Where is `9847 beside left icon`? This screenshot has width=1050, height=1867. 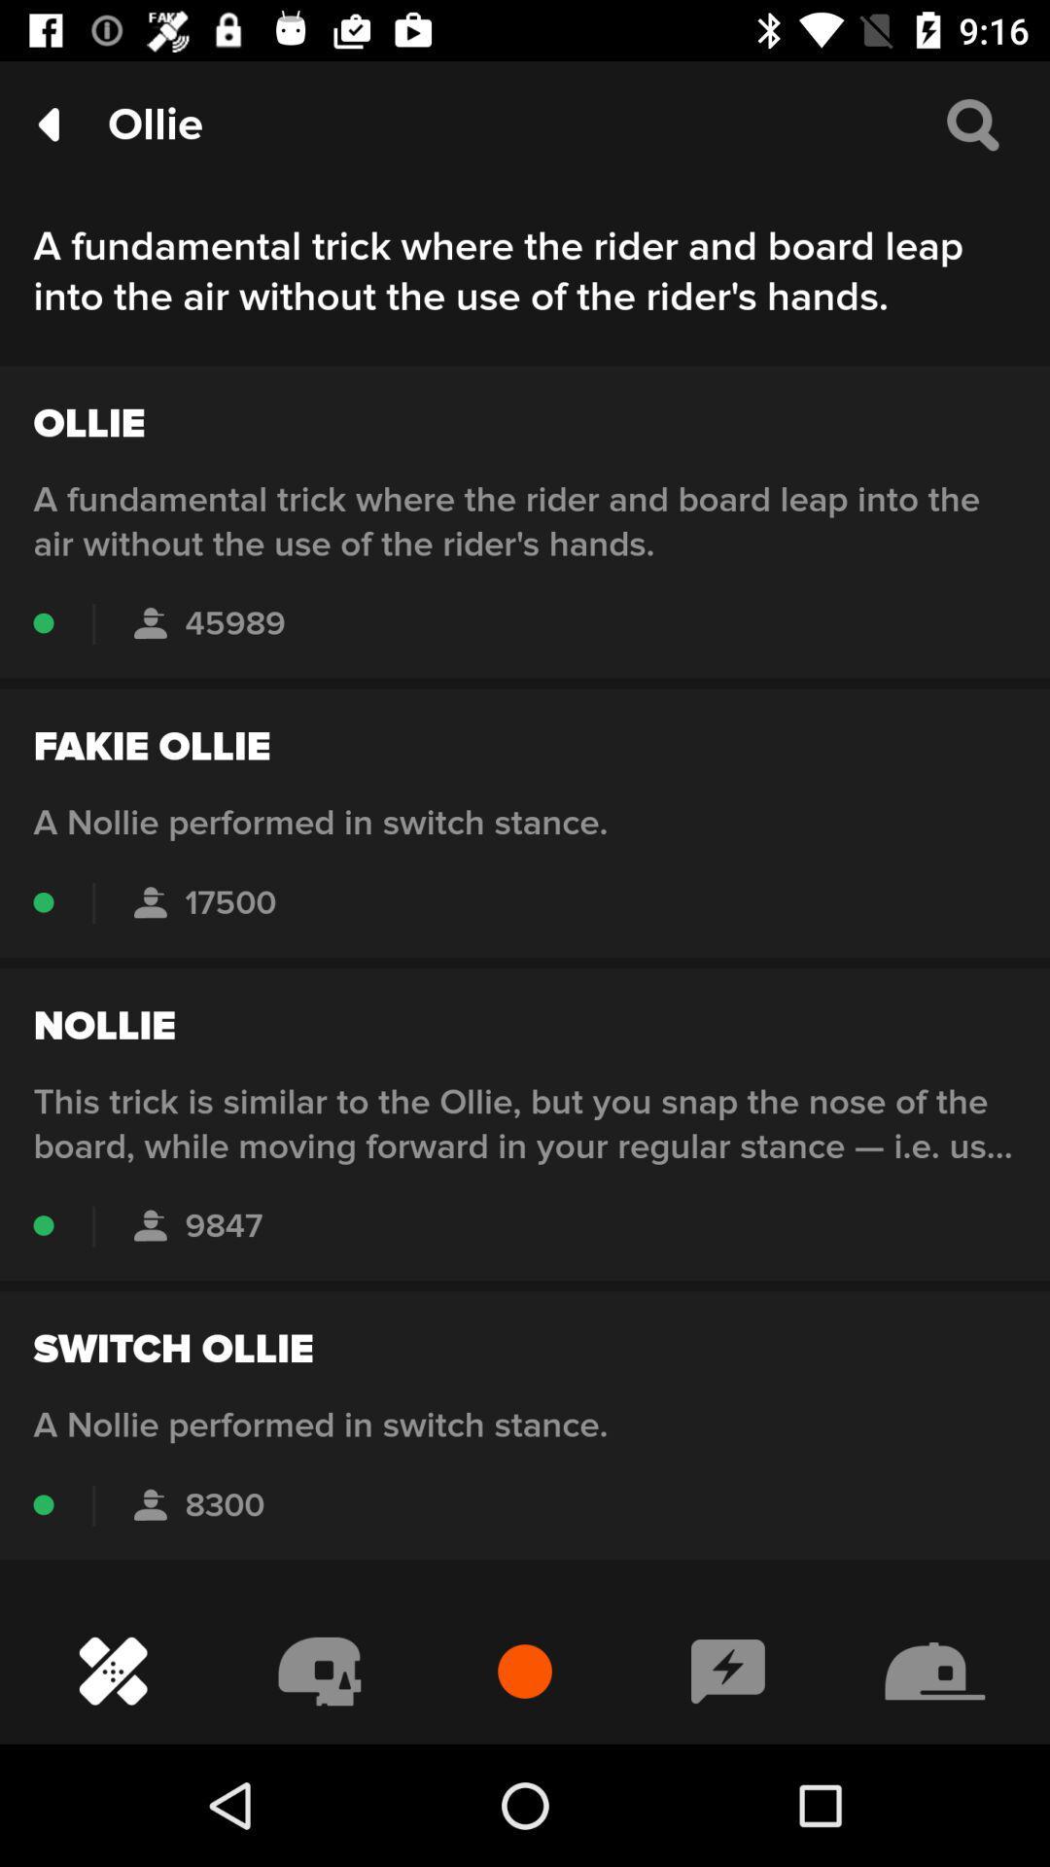 9847 beside left icon is located at coordinates (149, 1225).